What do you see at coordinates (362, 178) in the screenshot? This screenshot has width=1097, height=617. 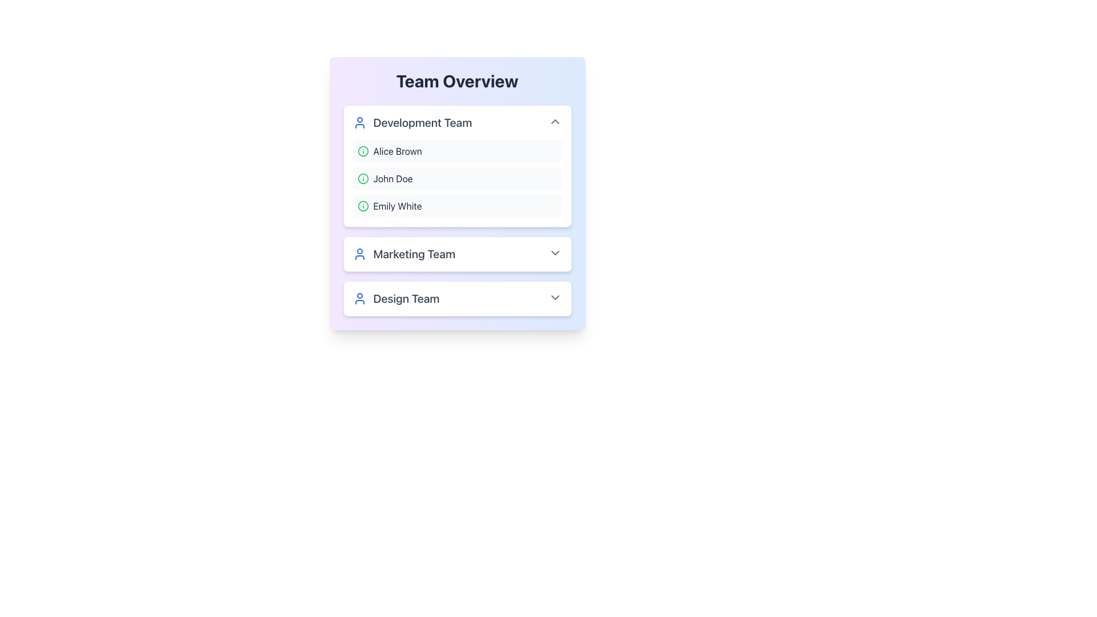 I see `the circular icon with a green stroke representing 'John Doe'` at bounding box center [362, 178].